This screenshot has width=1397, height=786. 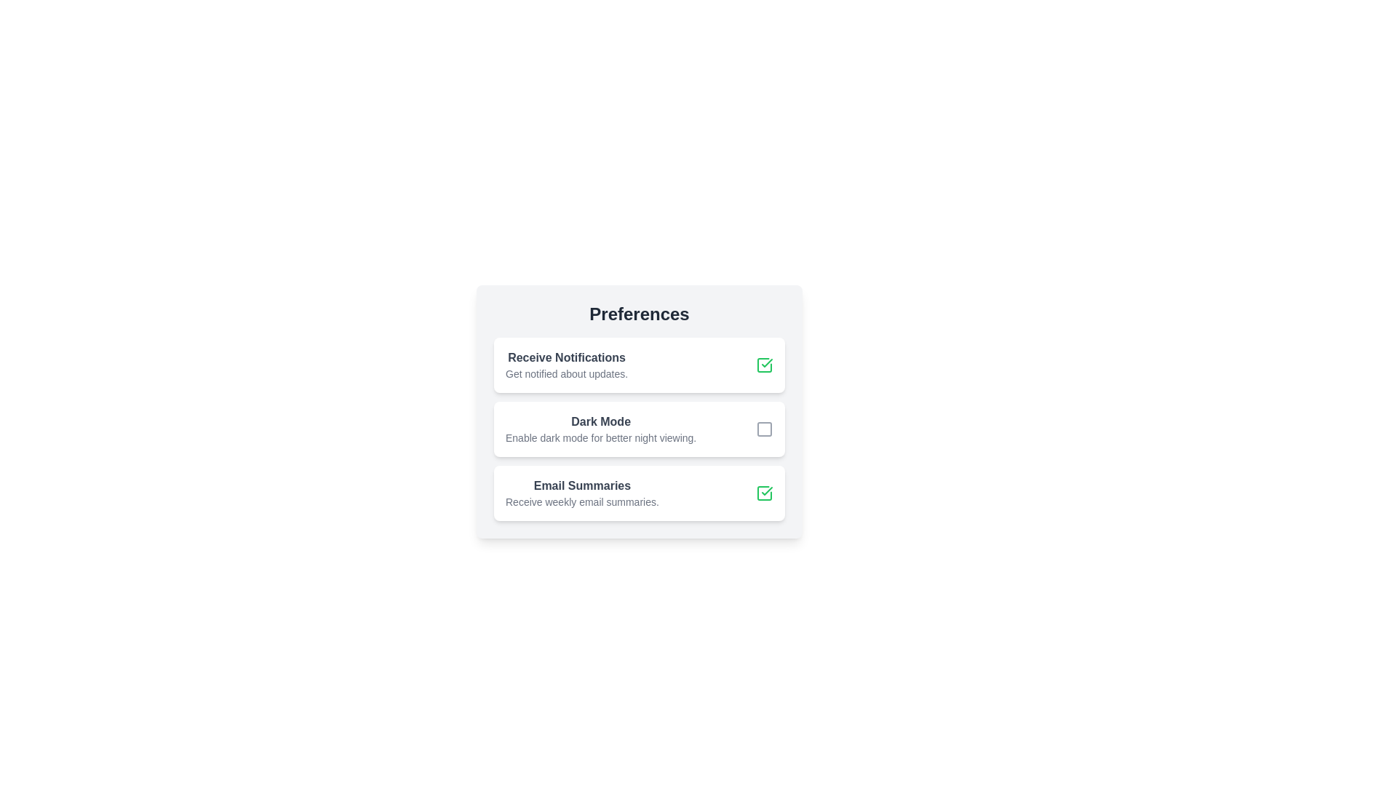 What do you see at coordinates (582, 493) in the screenshot?
I see `text from the Text Block element labeled 'Email Summaries' that consists of bold dark gray text and smaller lighter gray text` at bounding box center [582, 493].